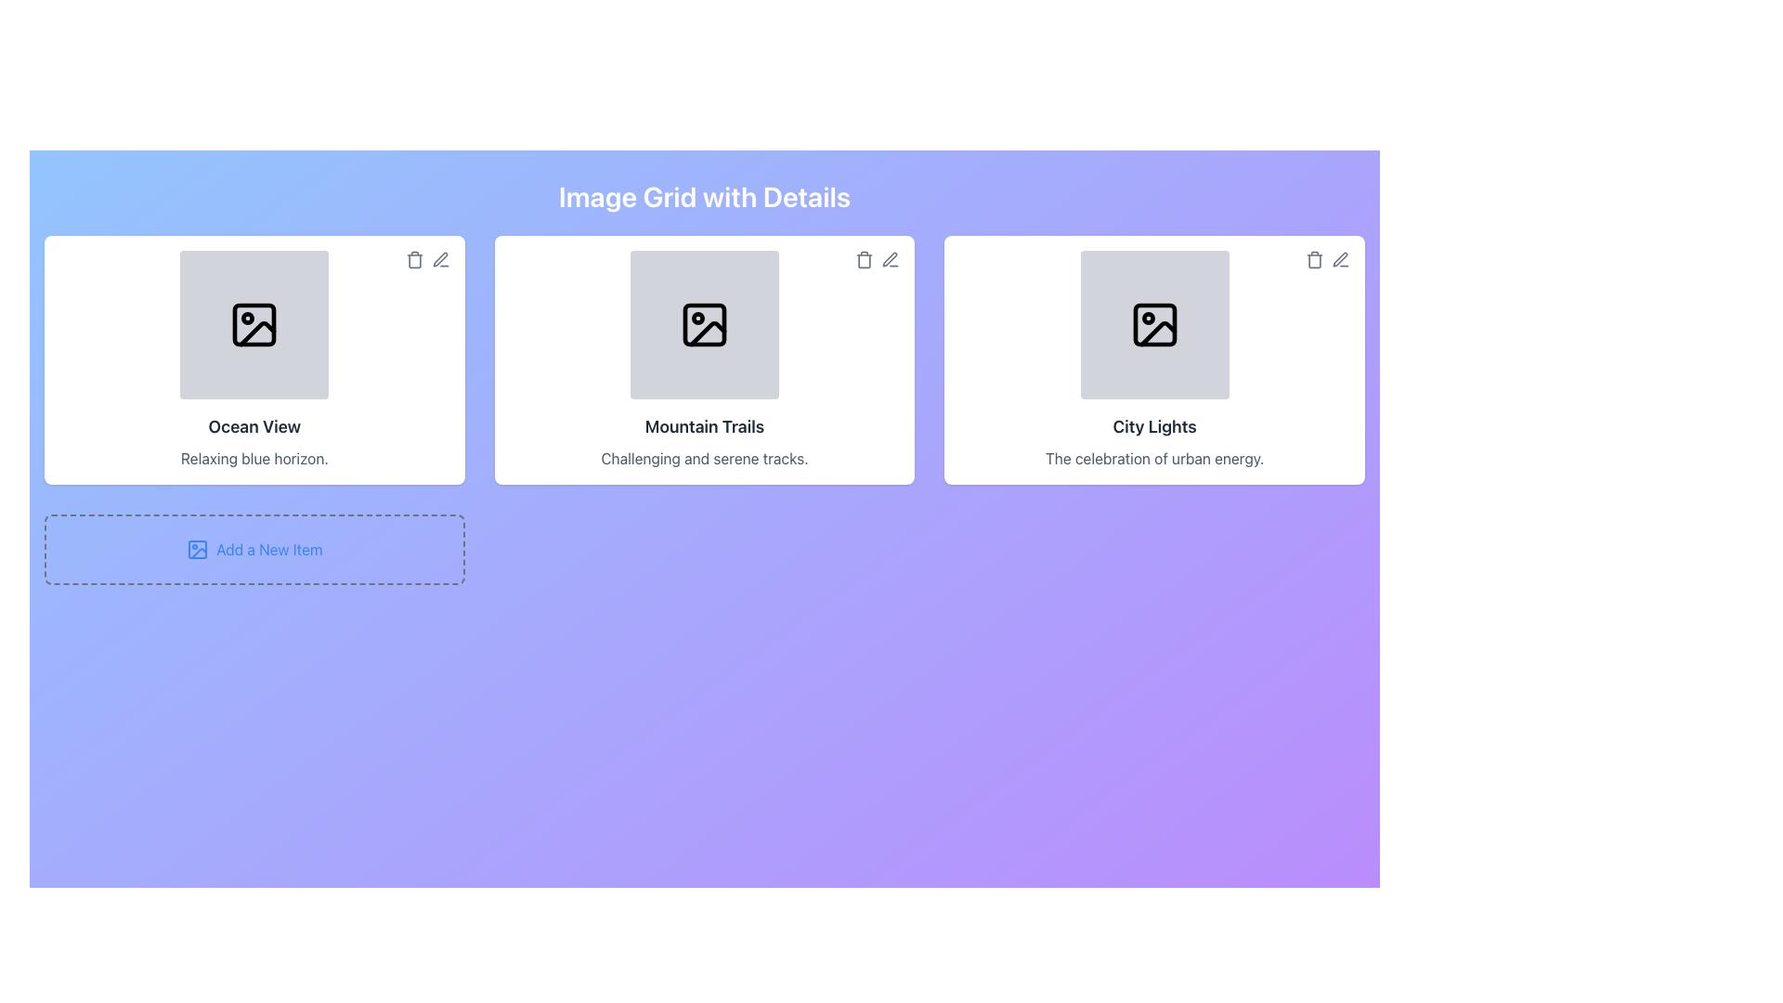 This screenshot has height=1003, width=1783. What do you see at coordinates (1314, 260) in the screenshot?
I see `the trash can icon in the upper right corner of the City Lights card` at bounding box center [1314, 260].